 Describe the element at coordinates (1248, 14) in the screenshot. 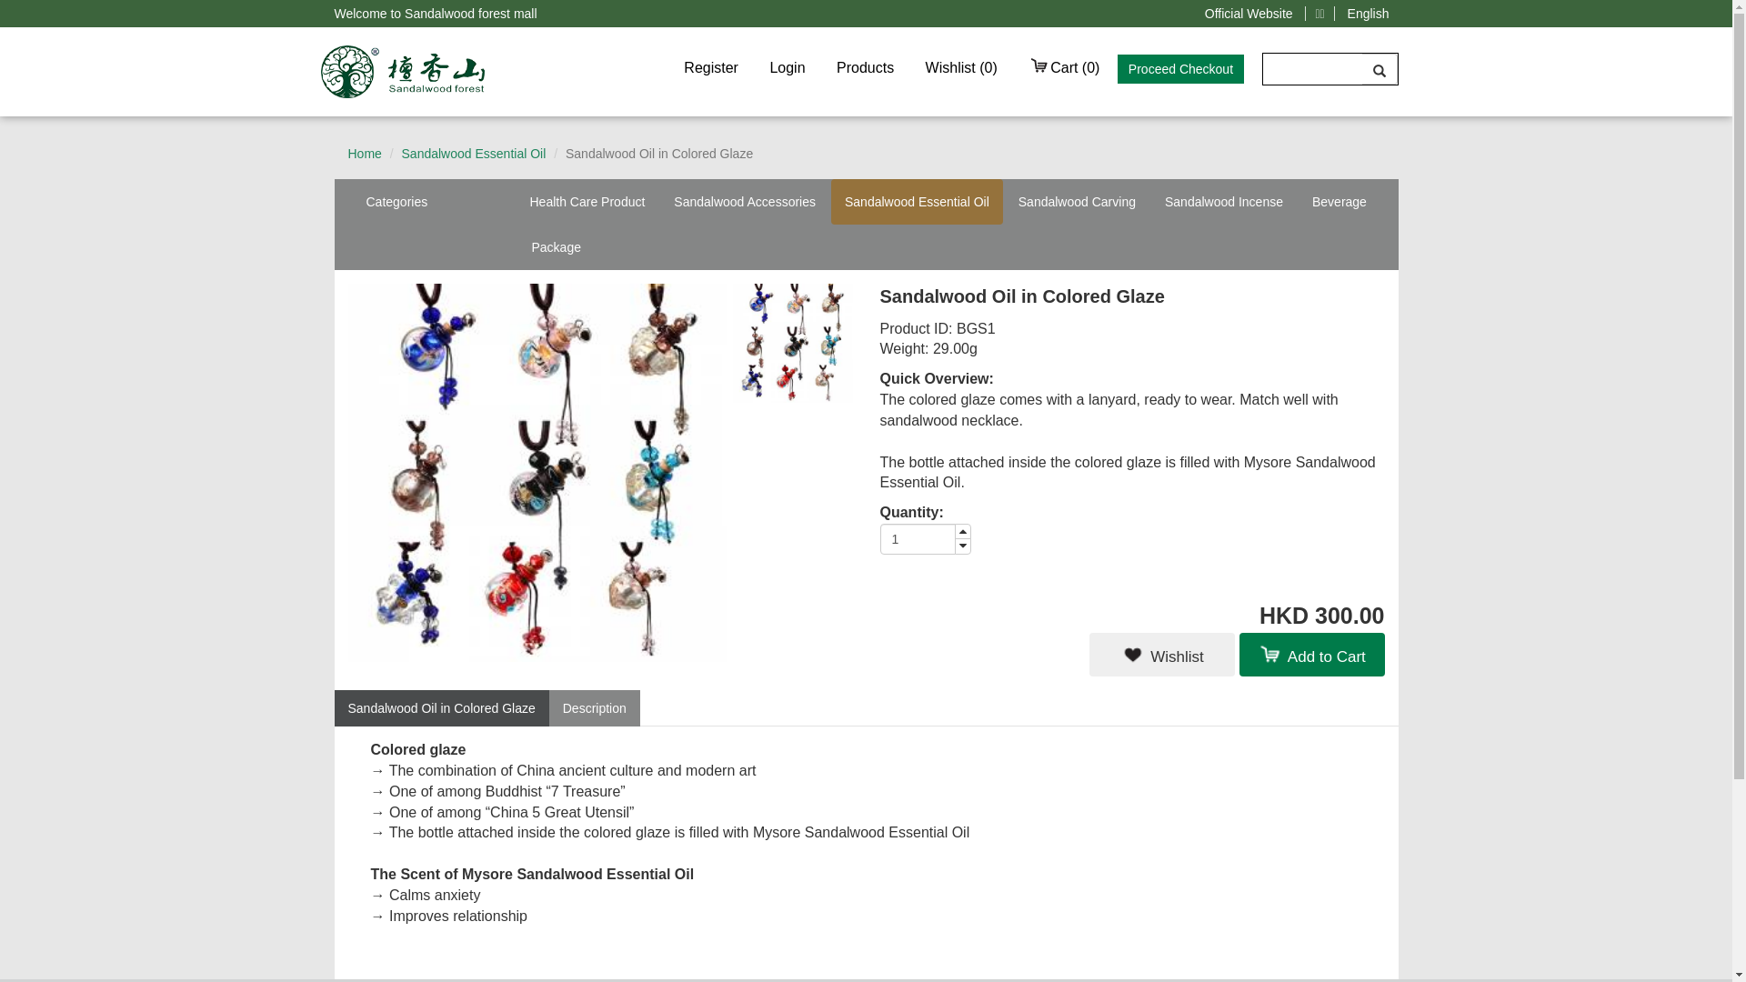

I see `'Official Website'` at that location.